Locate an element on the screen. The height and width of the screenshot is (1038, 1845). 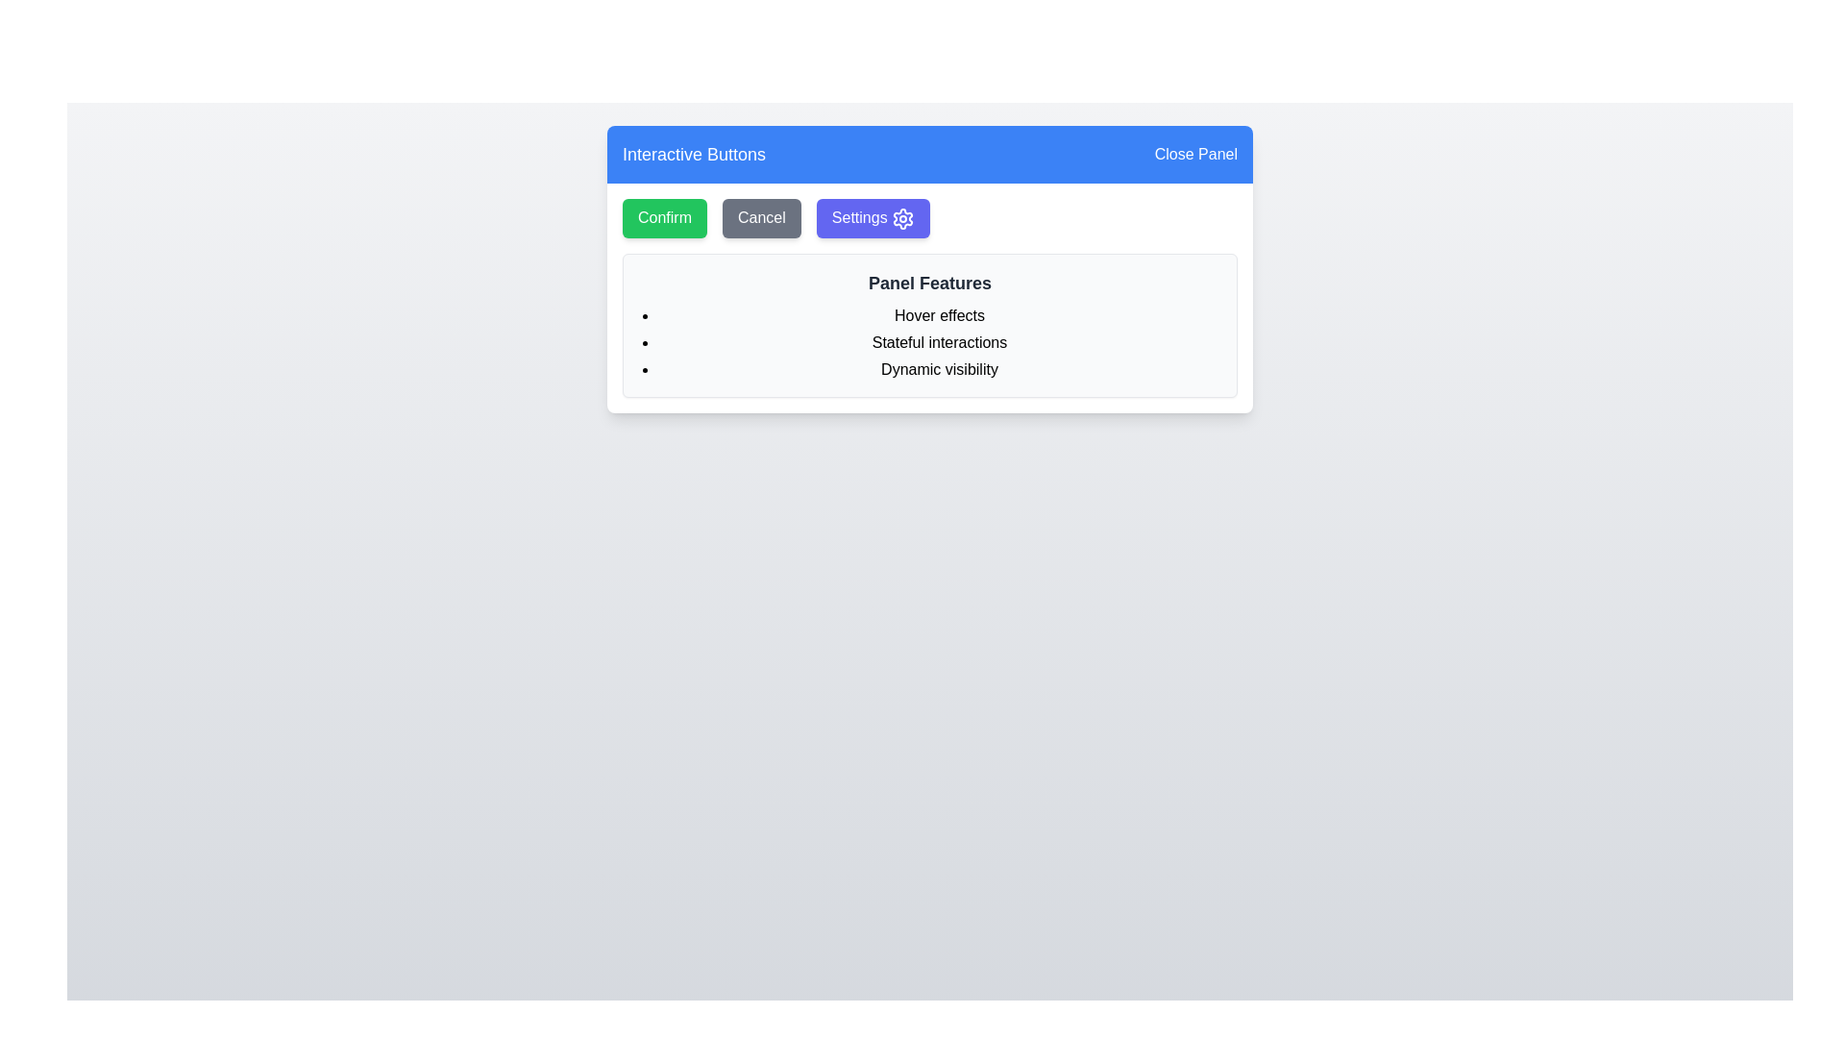
the 'Panel Features' element which displays a list of features or properties, centrally positioned below the buttons labeled 'Confirm', 'Cancel', and 'Settings' is located at coordinates (930, 324).